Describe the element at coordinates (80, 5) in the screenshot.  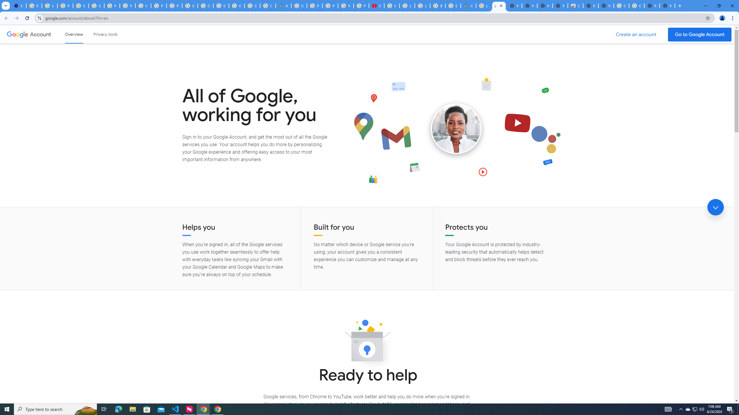
I see `'Google Account Help'` at that location.